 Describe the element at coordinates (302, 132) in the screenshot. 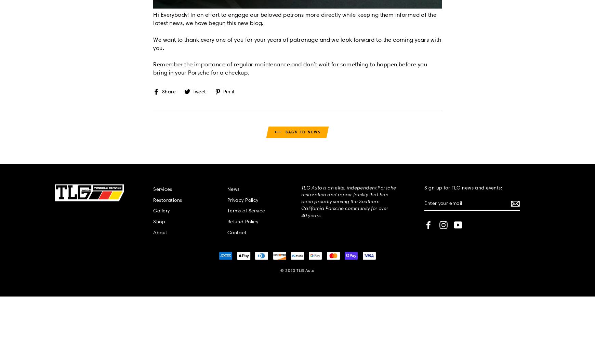

I see `'Back to News'` at that location.